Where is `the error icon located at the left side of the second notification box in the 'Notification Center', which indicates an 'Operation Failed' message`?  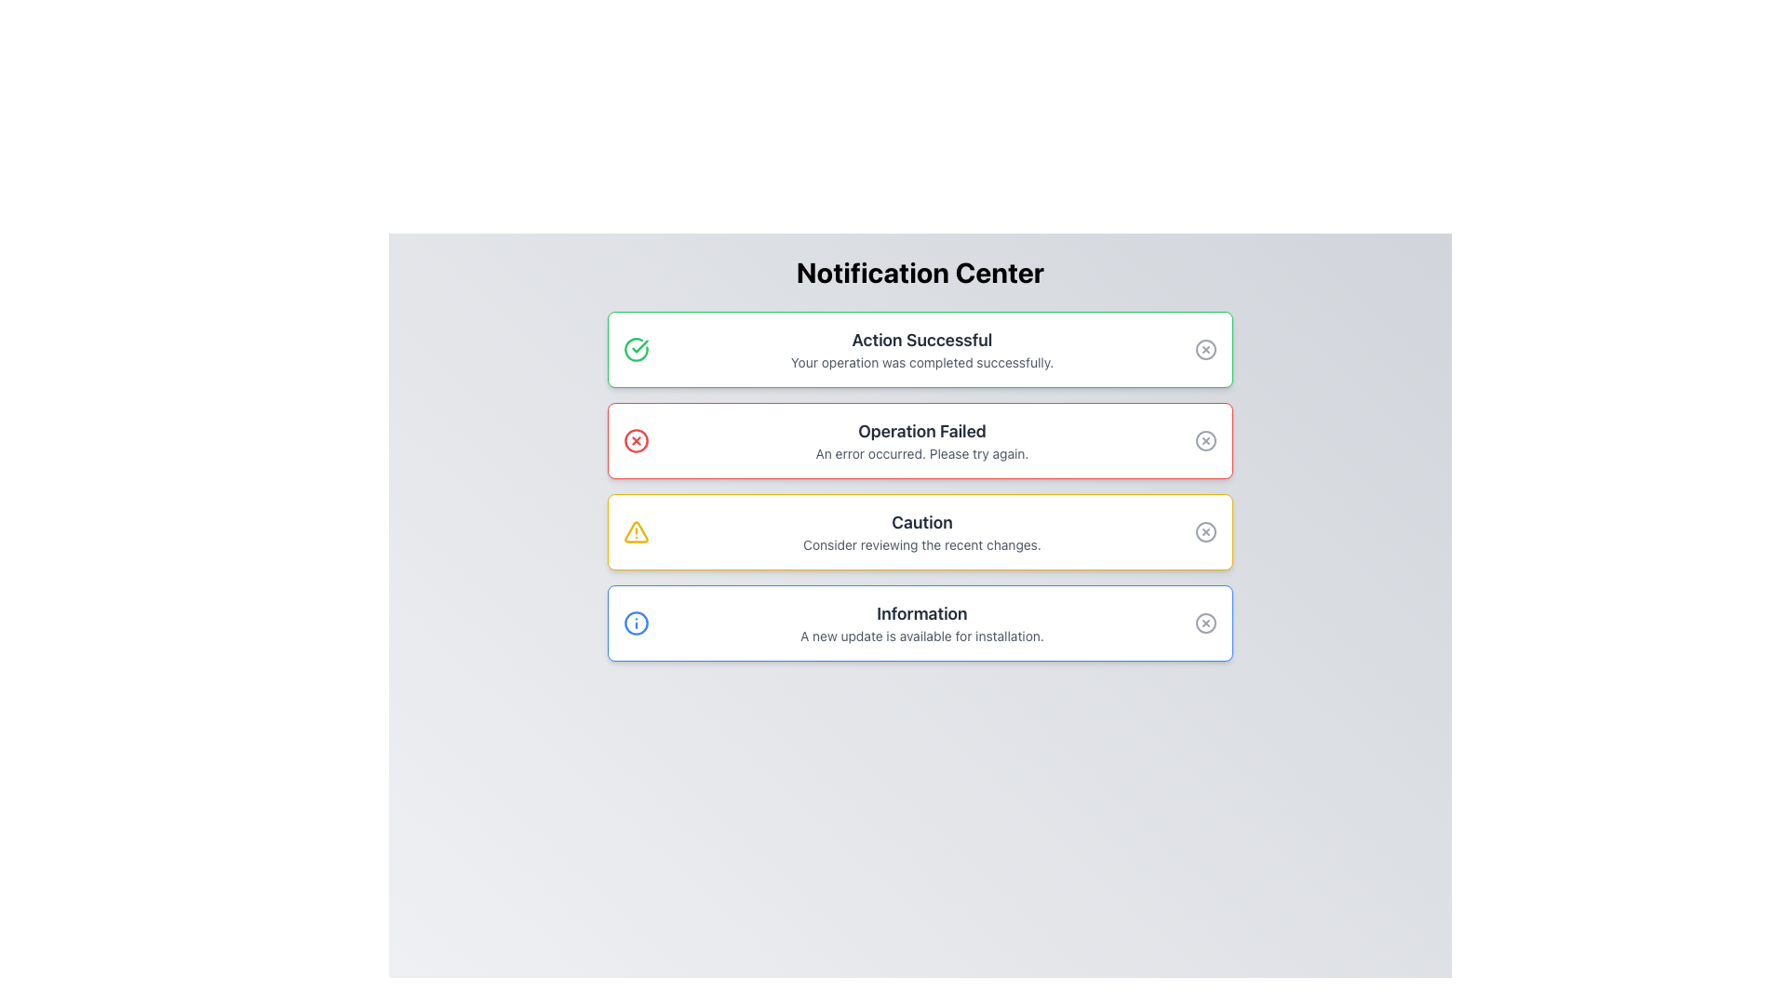
the error icon located at the left side of the second notification box in the 'Notification Center', which indicates an 'Operation Failed' message is located at coordinates (637, 441).